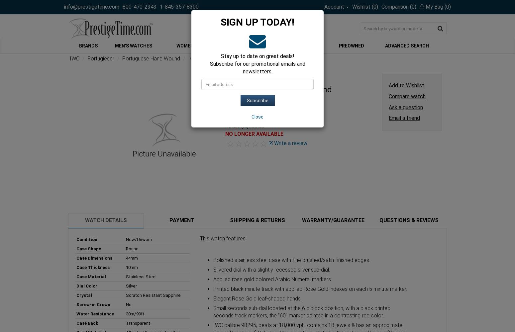  What do you see at coordinates (220, 22) in the screenshot?
I see `'SIGN UP TODAY!'` at bounding box center [220, 22].